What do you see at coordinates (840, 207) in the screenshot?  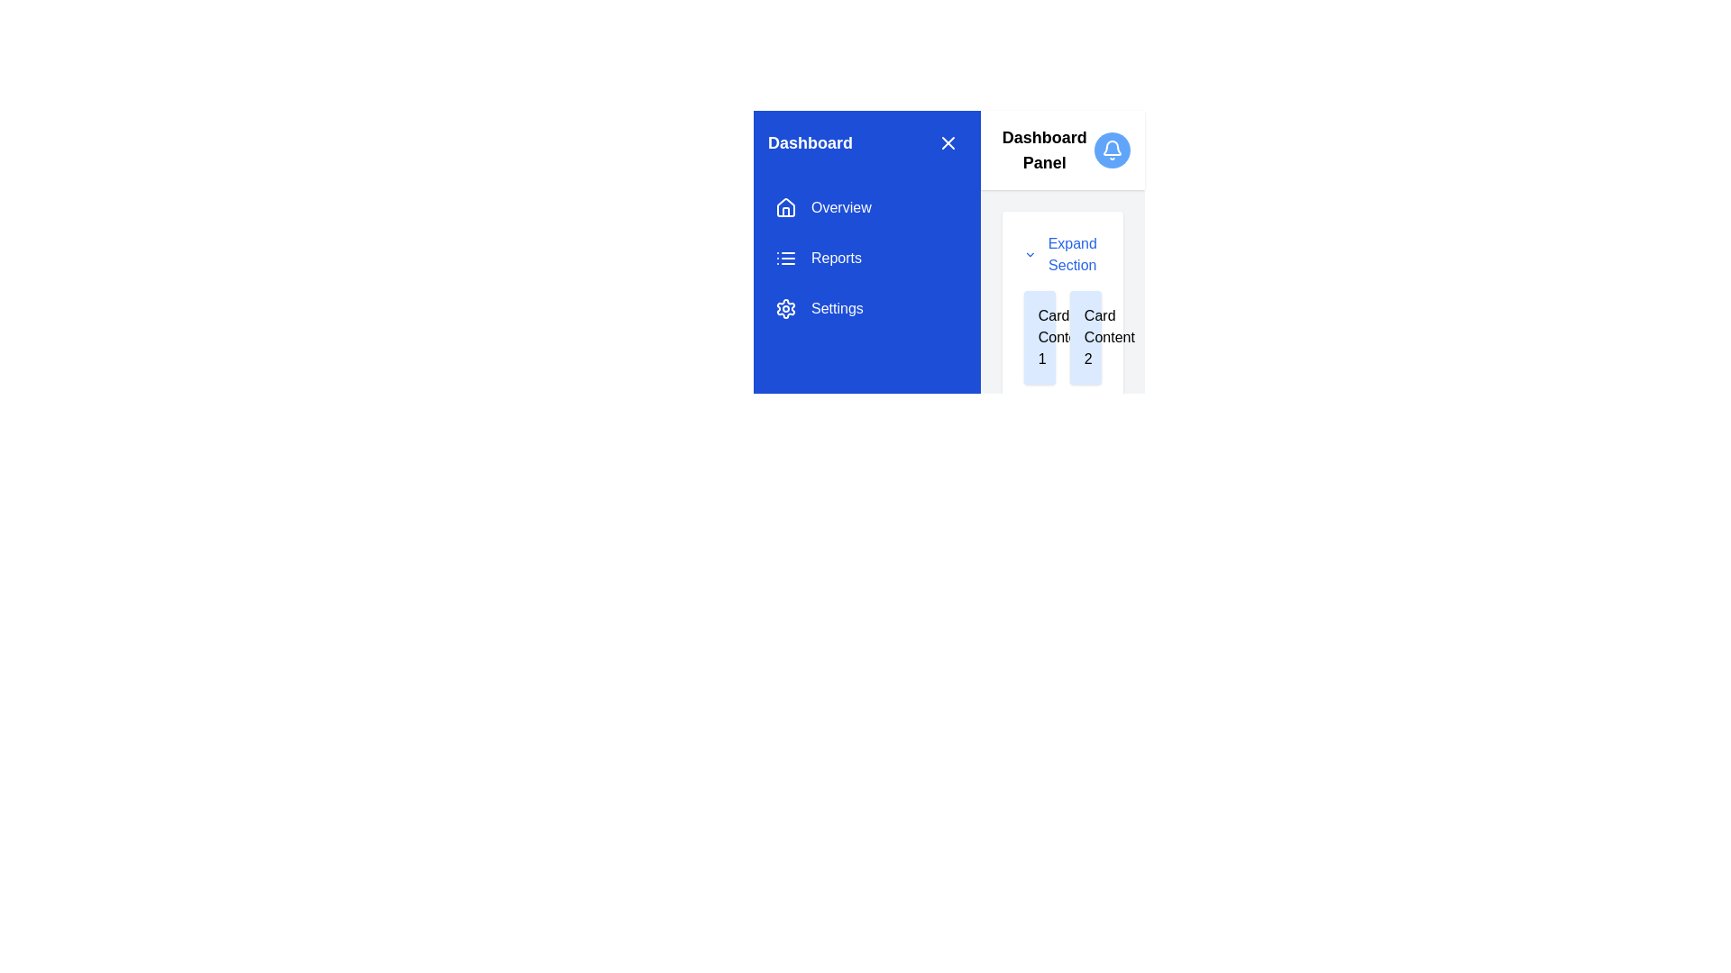 I see `the 'Overview' text label in the navigation menu` at bounding box center [840, 207].